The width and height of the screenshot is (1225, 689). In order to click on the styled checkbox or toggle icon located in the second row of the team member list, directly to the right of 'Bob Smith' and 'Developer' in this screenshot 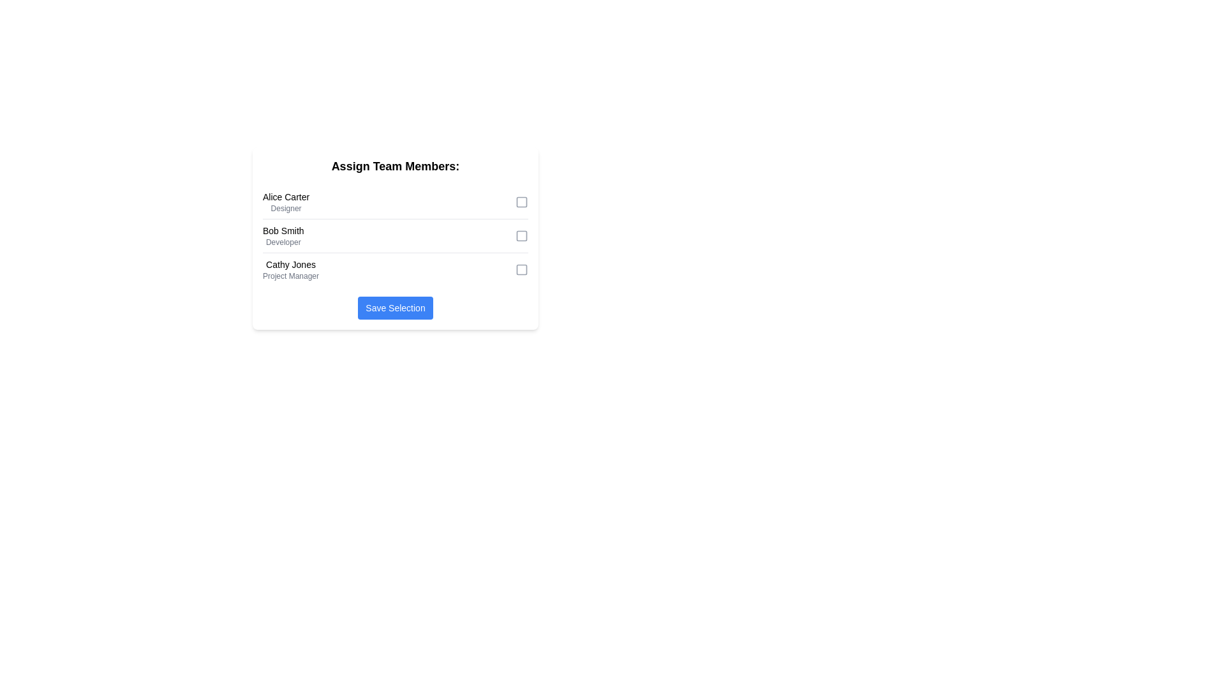, I will do `click(521, 236)`.